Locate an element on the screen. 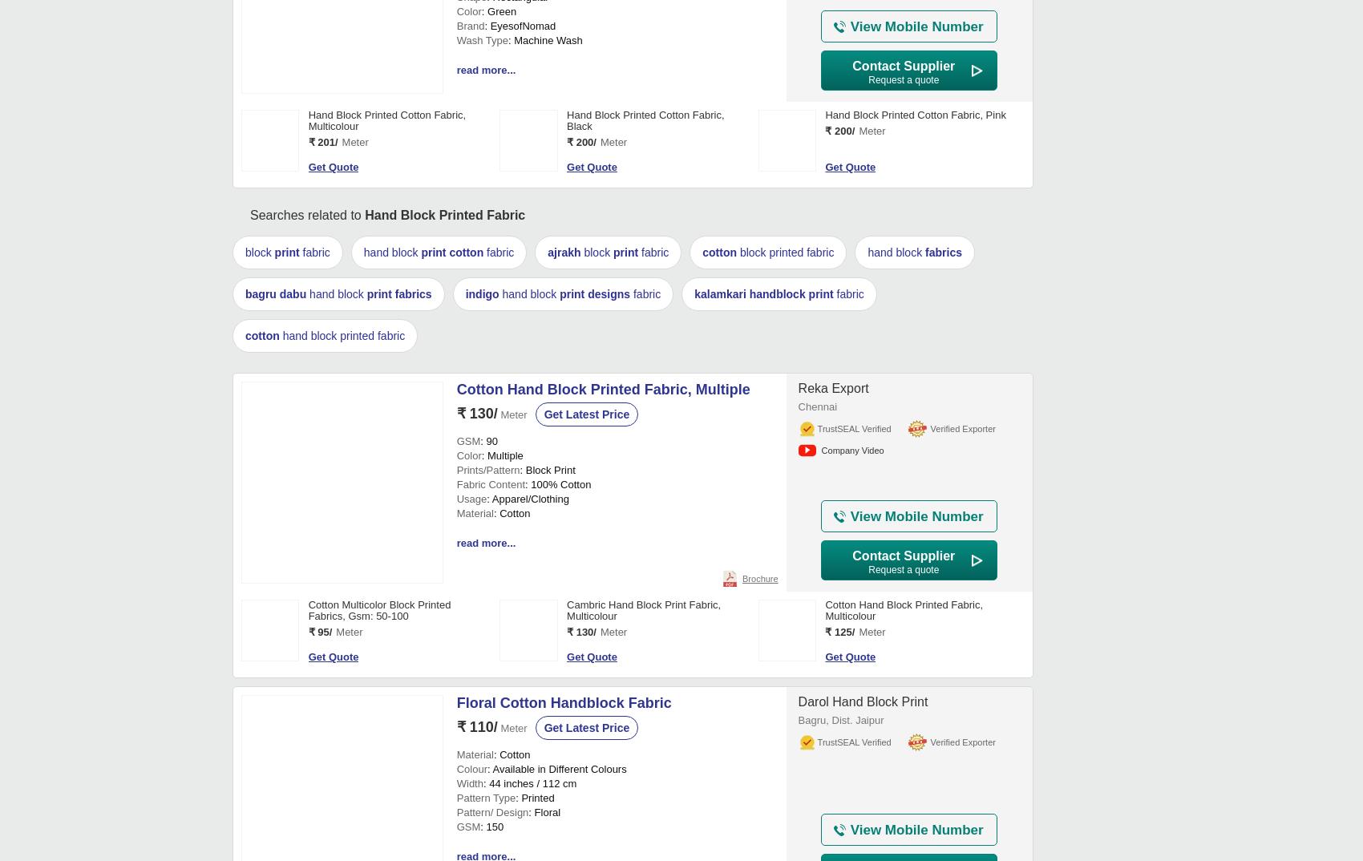  'bagru' is located at coordinates (260, 785).